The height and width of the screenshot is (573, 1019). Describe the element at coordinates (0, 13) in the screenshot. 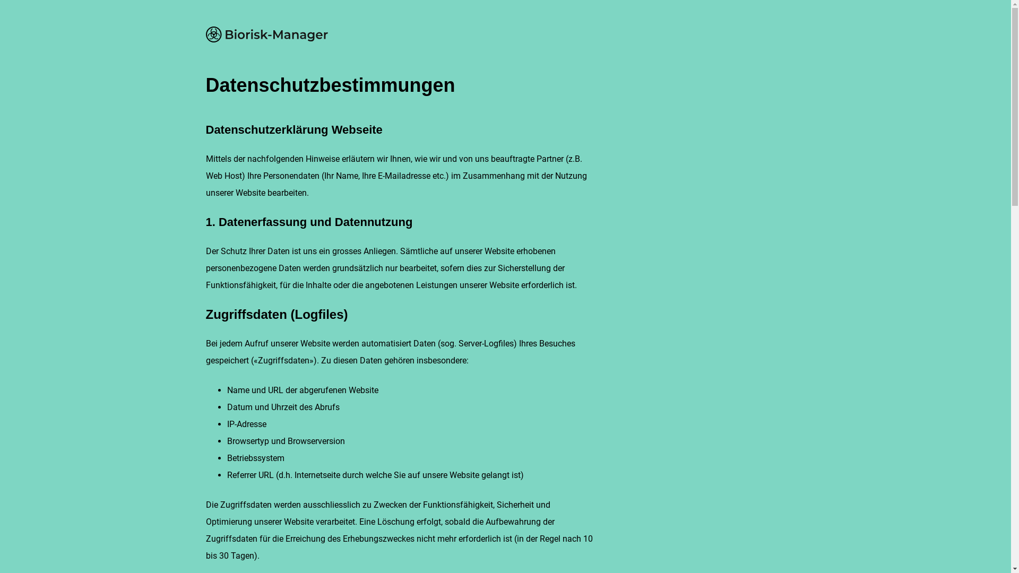

I see `'Direkt zum Inhalt'` at that location.